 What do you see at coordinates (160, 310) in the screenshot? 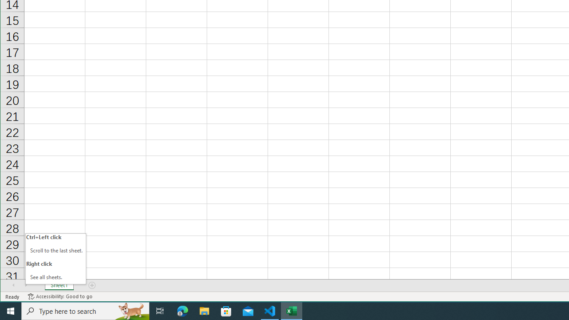
I see `'Task View'` at bounding box center [160, 310].